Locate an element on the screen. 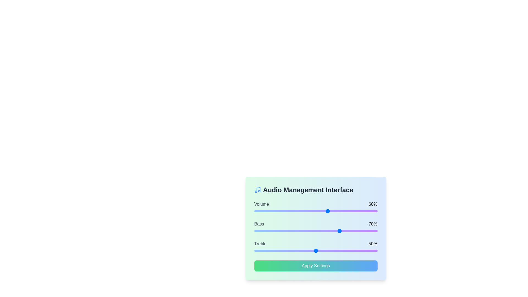  the slider's value is located at coordinates (311, 211).